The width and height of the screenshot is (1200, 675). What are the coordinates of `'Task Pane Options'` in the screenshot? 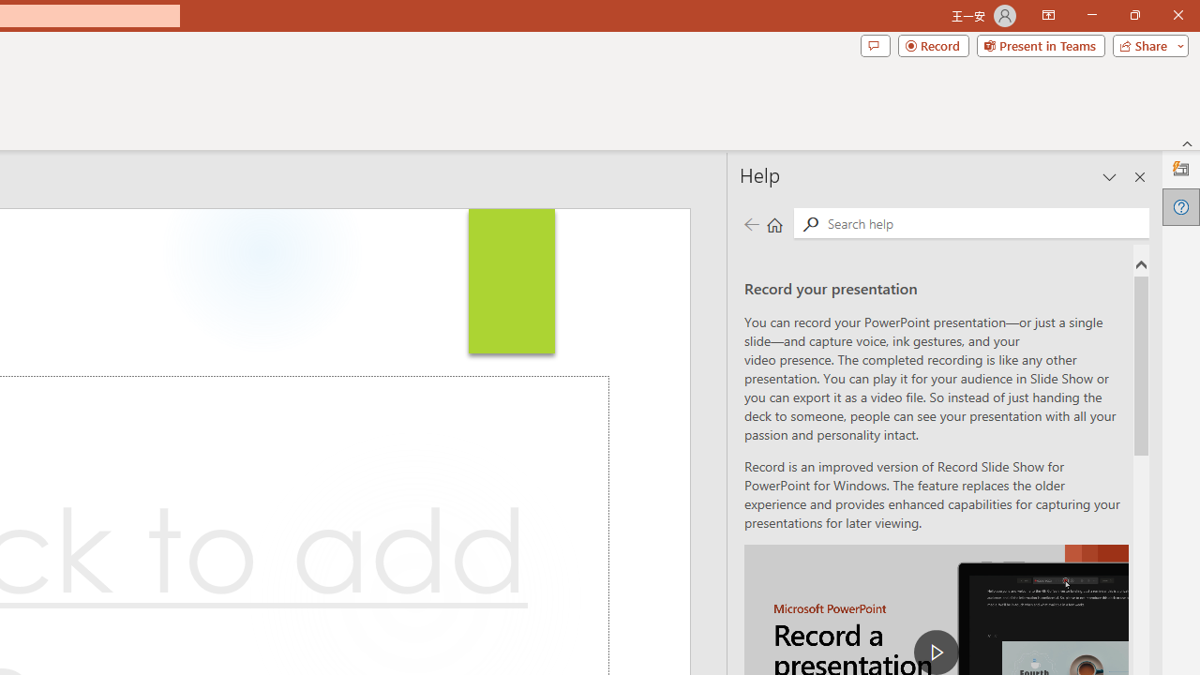 It's located at (1110, 177).